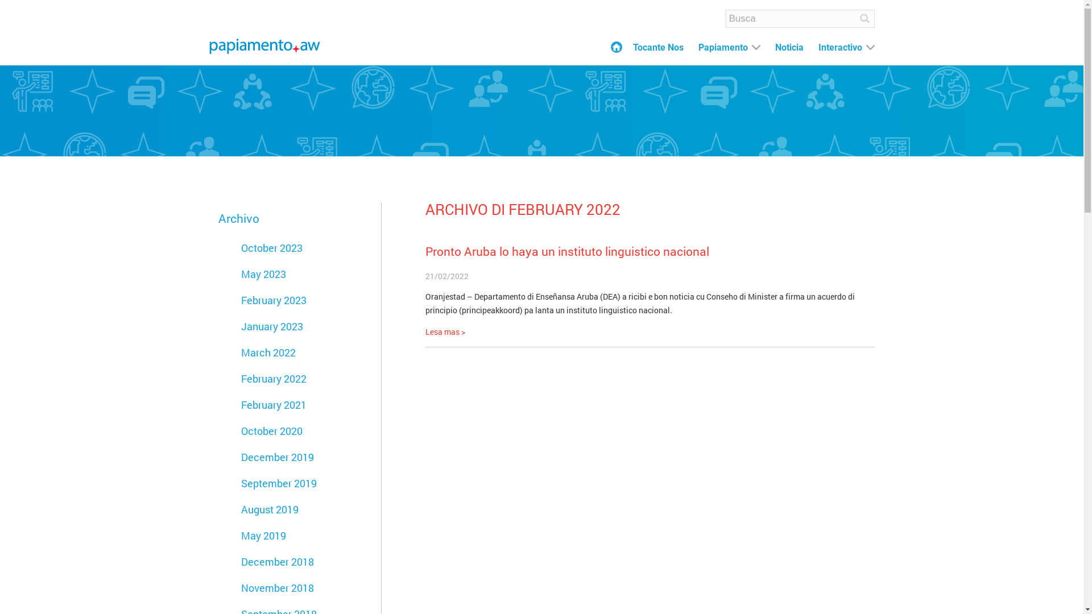 The width and height of the screenshot is (1092, 614). I want to click on 'Tocante Nos', so click(657, 47).